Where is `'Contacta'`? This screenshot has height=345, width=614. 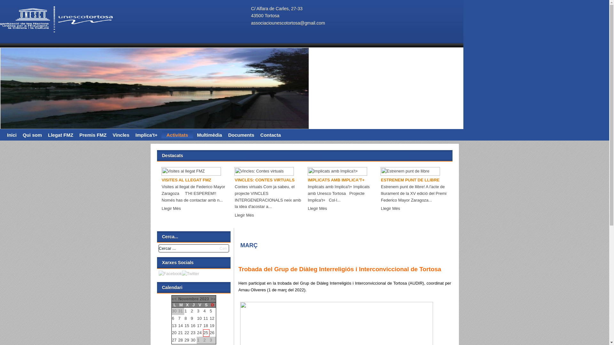 'Contacta' is located at coordinates (270, 135).